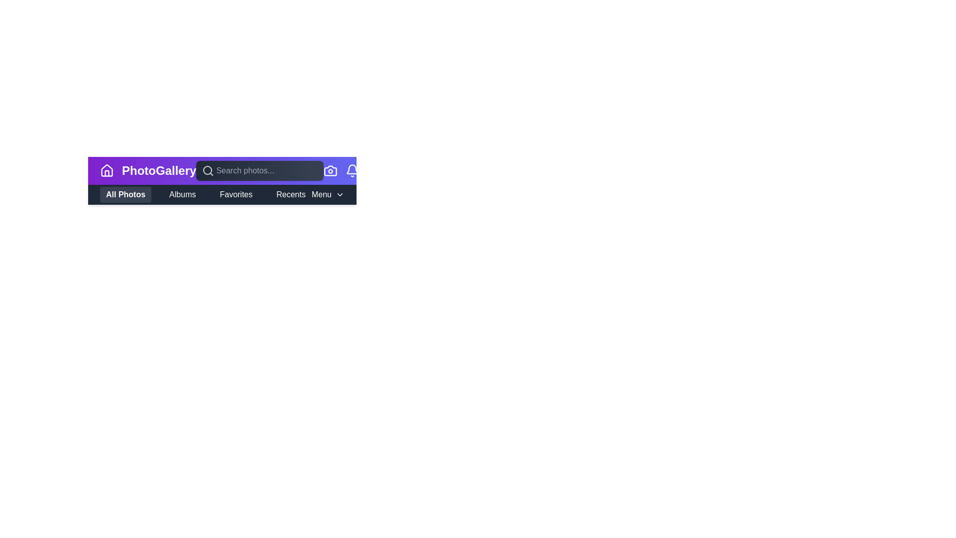  What do you see at coordinates (321, 194) in the screenshot?
I see `the Menu button to activate the corresponding navigation` at bounding box center [321, 194].